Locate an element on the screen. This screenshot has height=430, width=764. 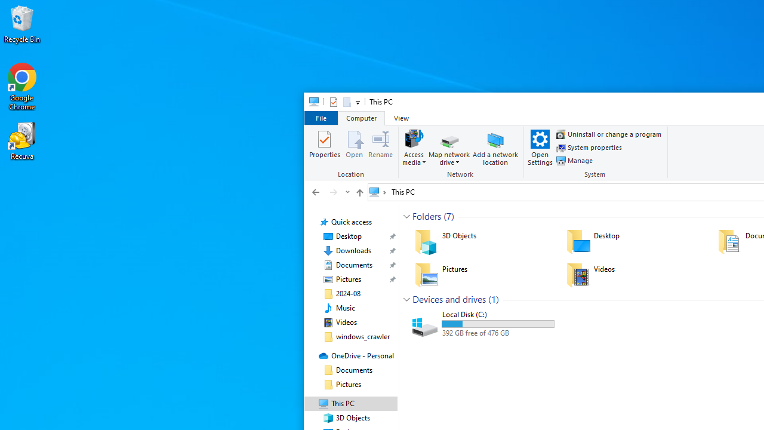
'Map network drive' is located at coordinates (448, 158).